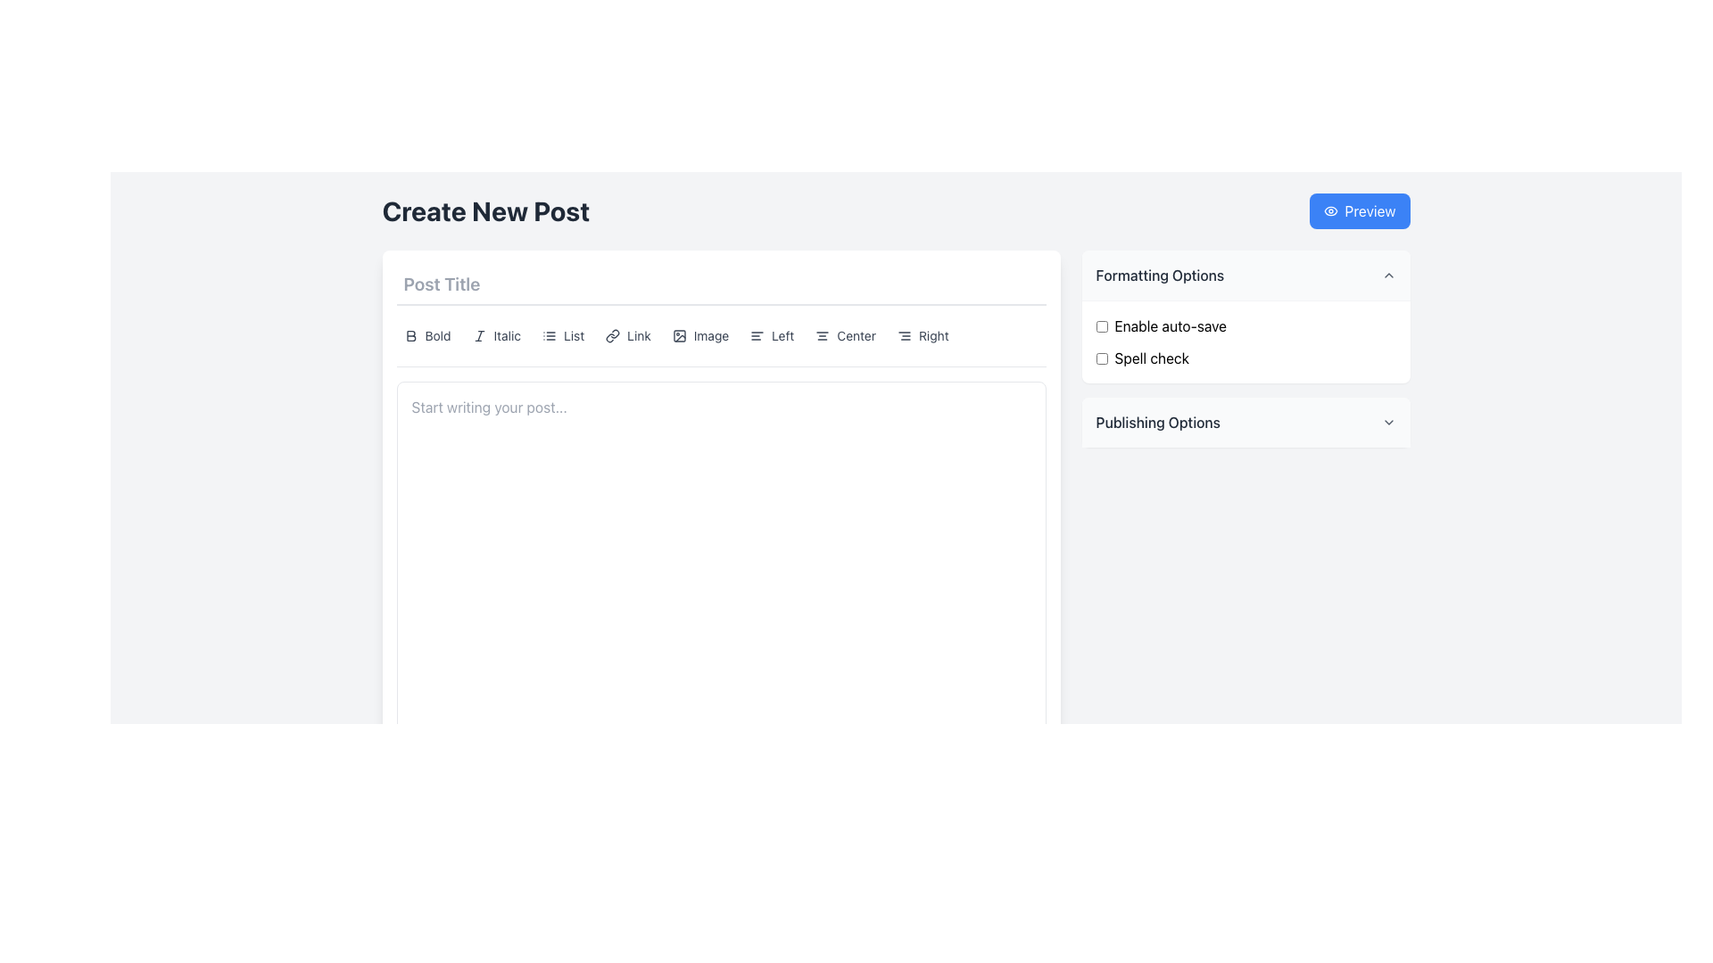  What do you see at coordinates (1171, 326) in the screenshot?
I see `text label located to the right of the checkbox in the 'Formatting Options' section to understand the checkbox function` at bounding box center [1171, 326].